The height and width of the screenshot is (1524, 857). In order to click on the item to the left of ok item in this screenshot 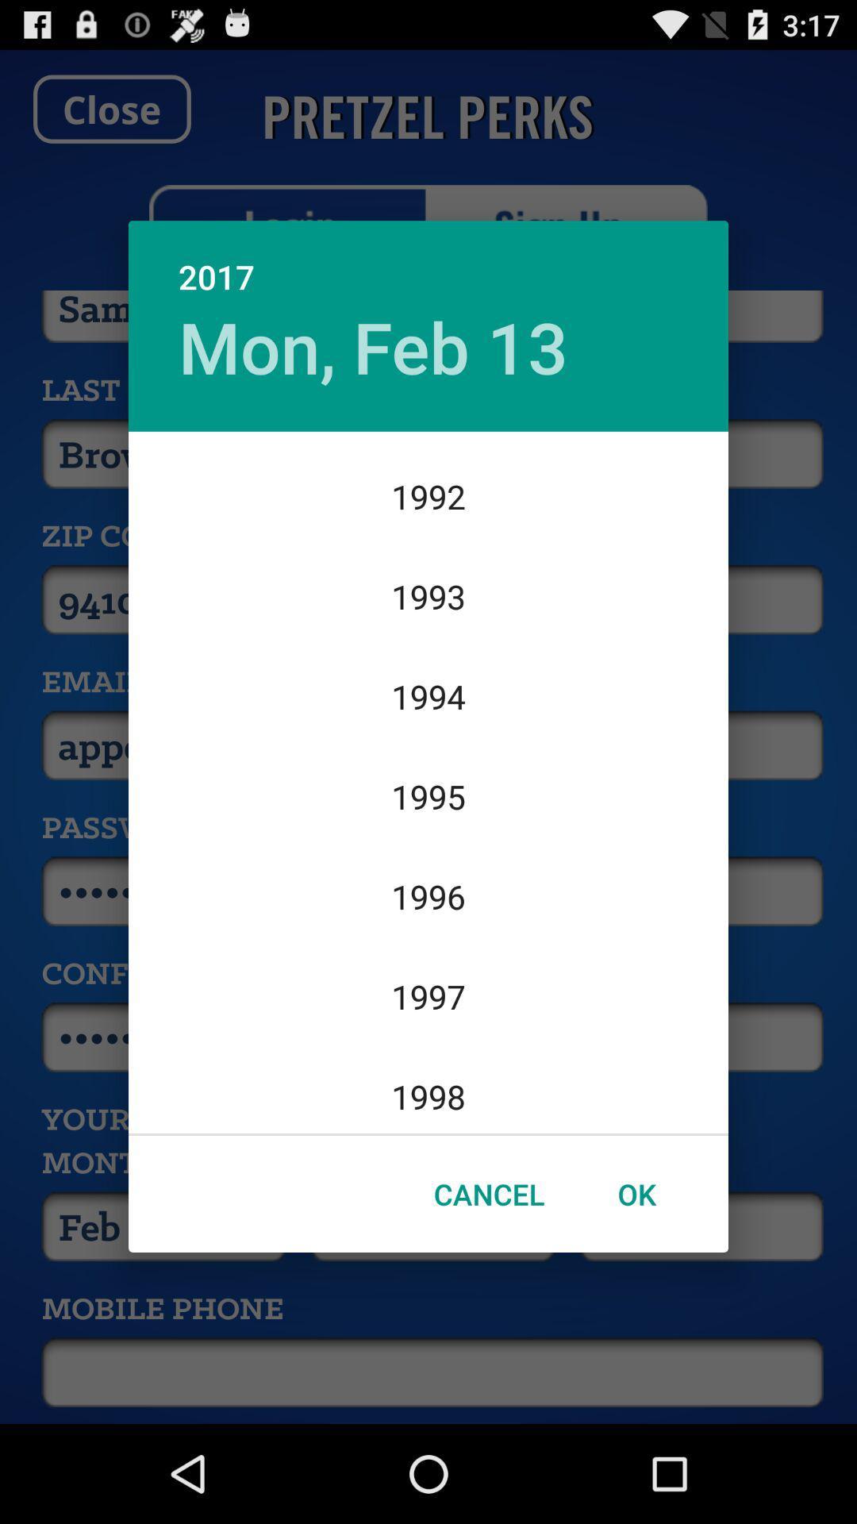, I will do `click(488, 1194)`.